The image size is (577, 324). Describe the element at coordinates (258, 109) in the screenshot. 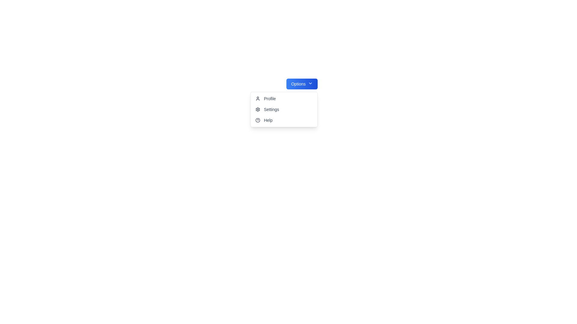

I see `the settings icon, which resembles a gear and is located next to the 'Settings' label in the dropdown menu` at that location.